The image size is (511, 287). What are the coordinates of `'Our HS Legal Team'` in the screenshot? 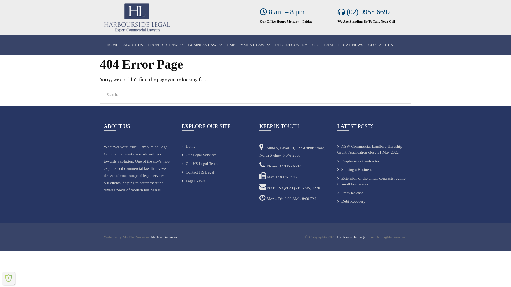 It's located at (199, 163).